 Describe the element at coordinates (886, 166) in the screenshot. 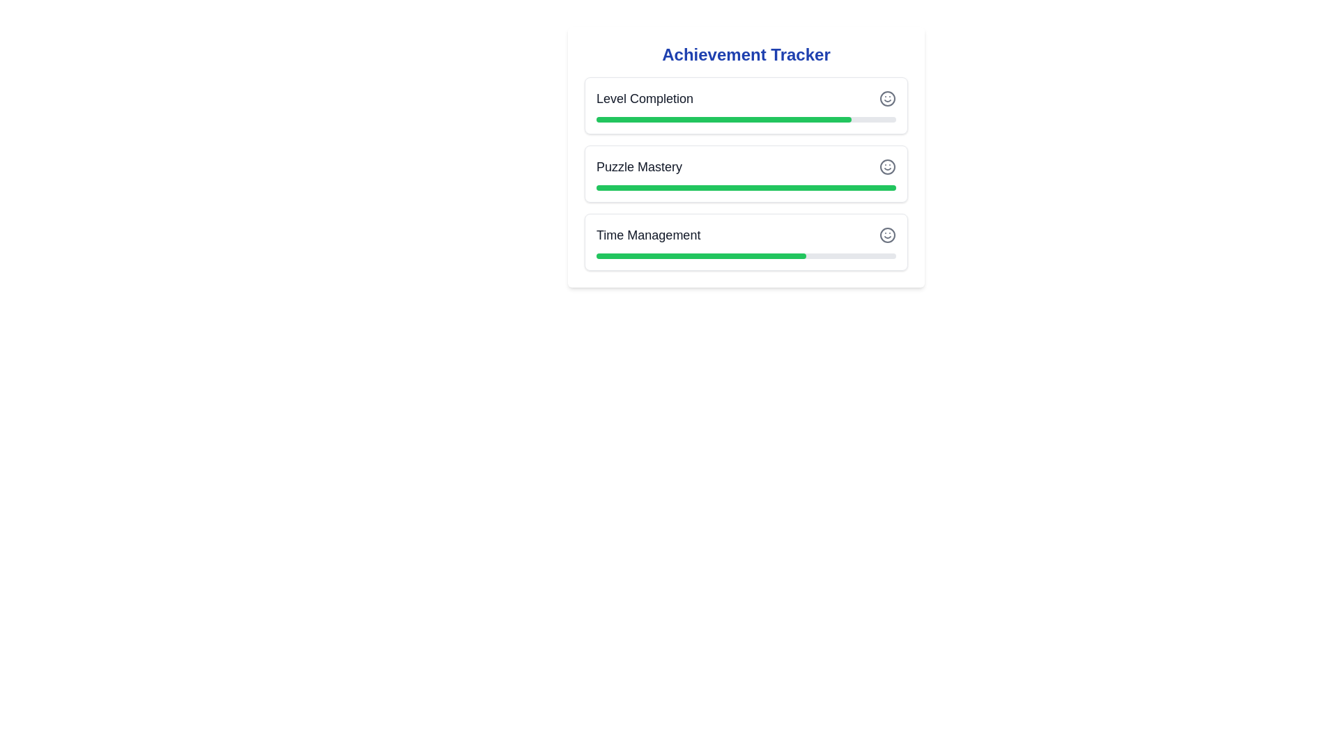

I see `the circular graphic element representing the smiley face icon located at the bottom-right corner of the 'Puzzle Mastery' area` at that location.